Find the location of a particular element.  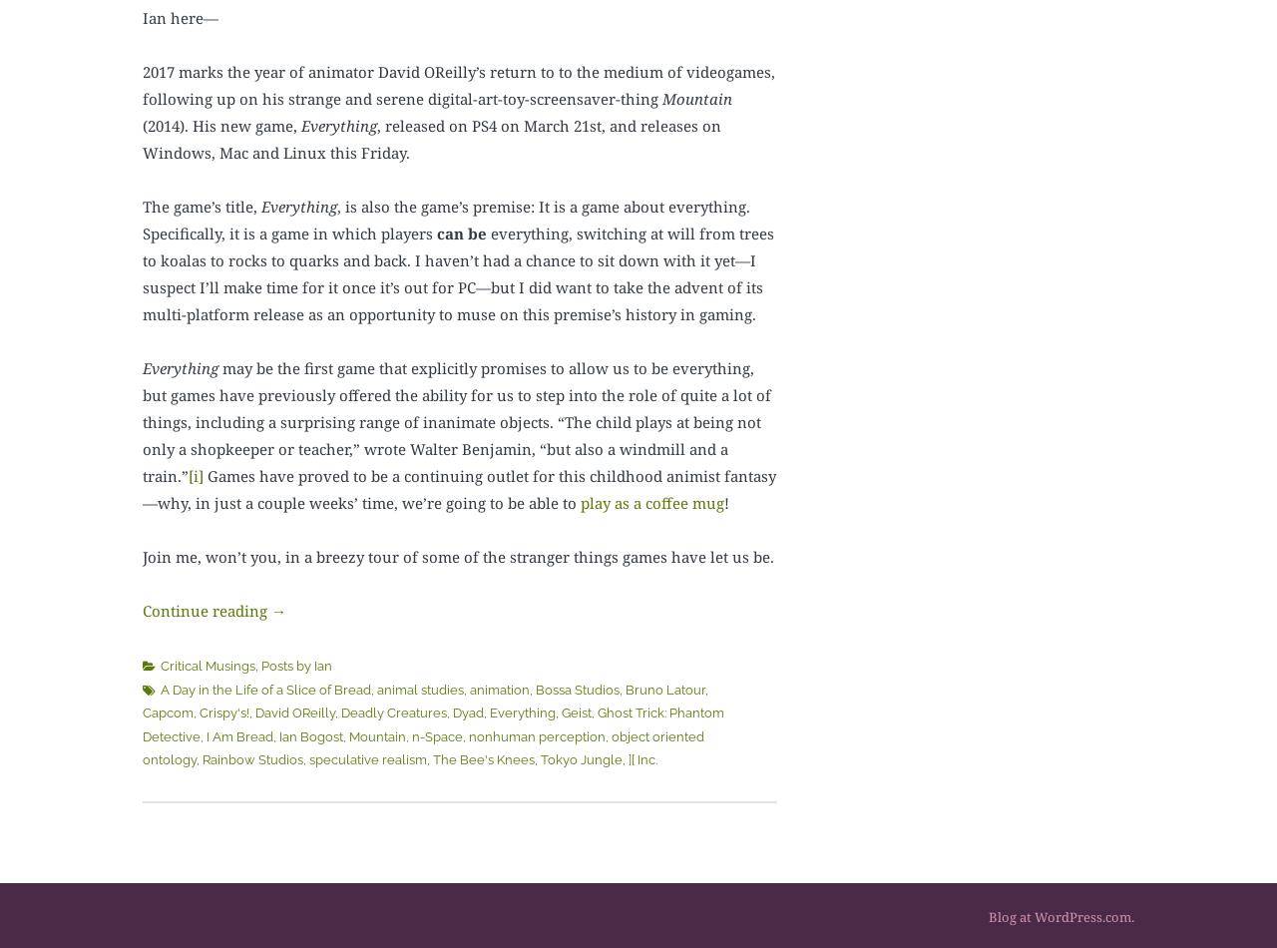

'speculative realism' is located at coordinates (368, 758).